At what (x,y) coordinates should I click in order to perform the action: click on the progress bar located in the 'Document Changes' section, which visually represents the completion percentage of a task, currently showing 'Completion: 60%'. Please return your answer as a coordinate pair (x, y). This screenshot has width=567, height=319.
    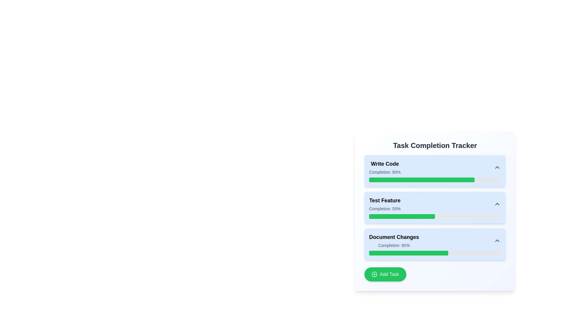
    Looking at the image, I should click on (435, 253).